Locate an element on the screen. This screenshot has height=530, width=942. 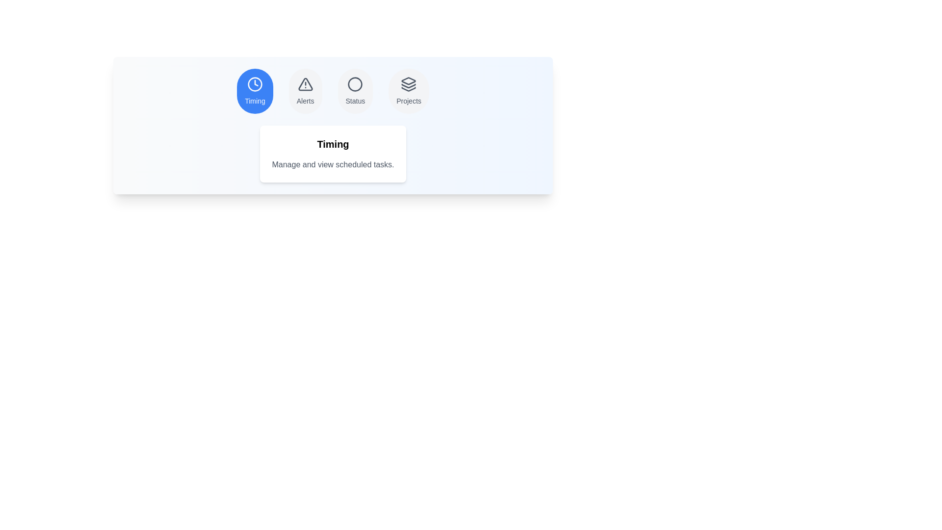
the tab labeled Alerts is located at coordinates (305, 91).